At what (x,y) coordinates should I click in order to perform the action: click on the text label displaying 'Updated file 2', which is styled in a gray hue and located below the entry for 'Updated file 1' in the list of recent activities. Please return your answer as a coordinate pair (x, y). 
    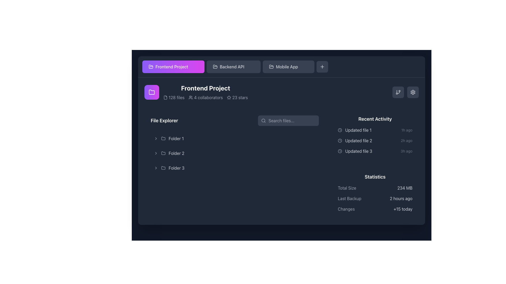
    Looking at the image, I should click on (358, 140).